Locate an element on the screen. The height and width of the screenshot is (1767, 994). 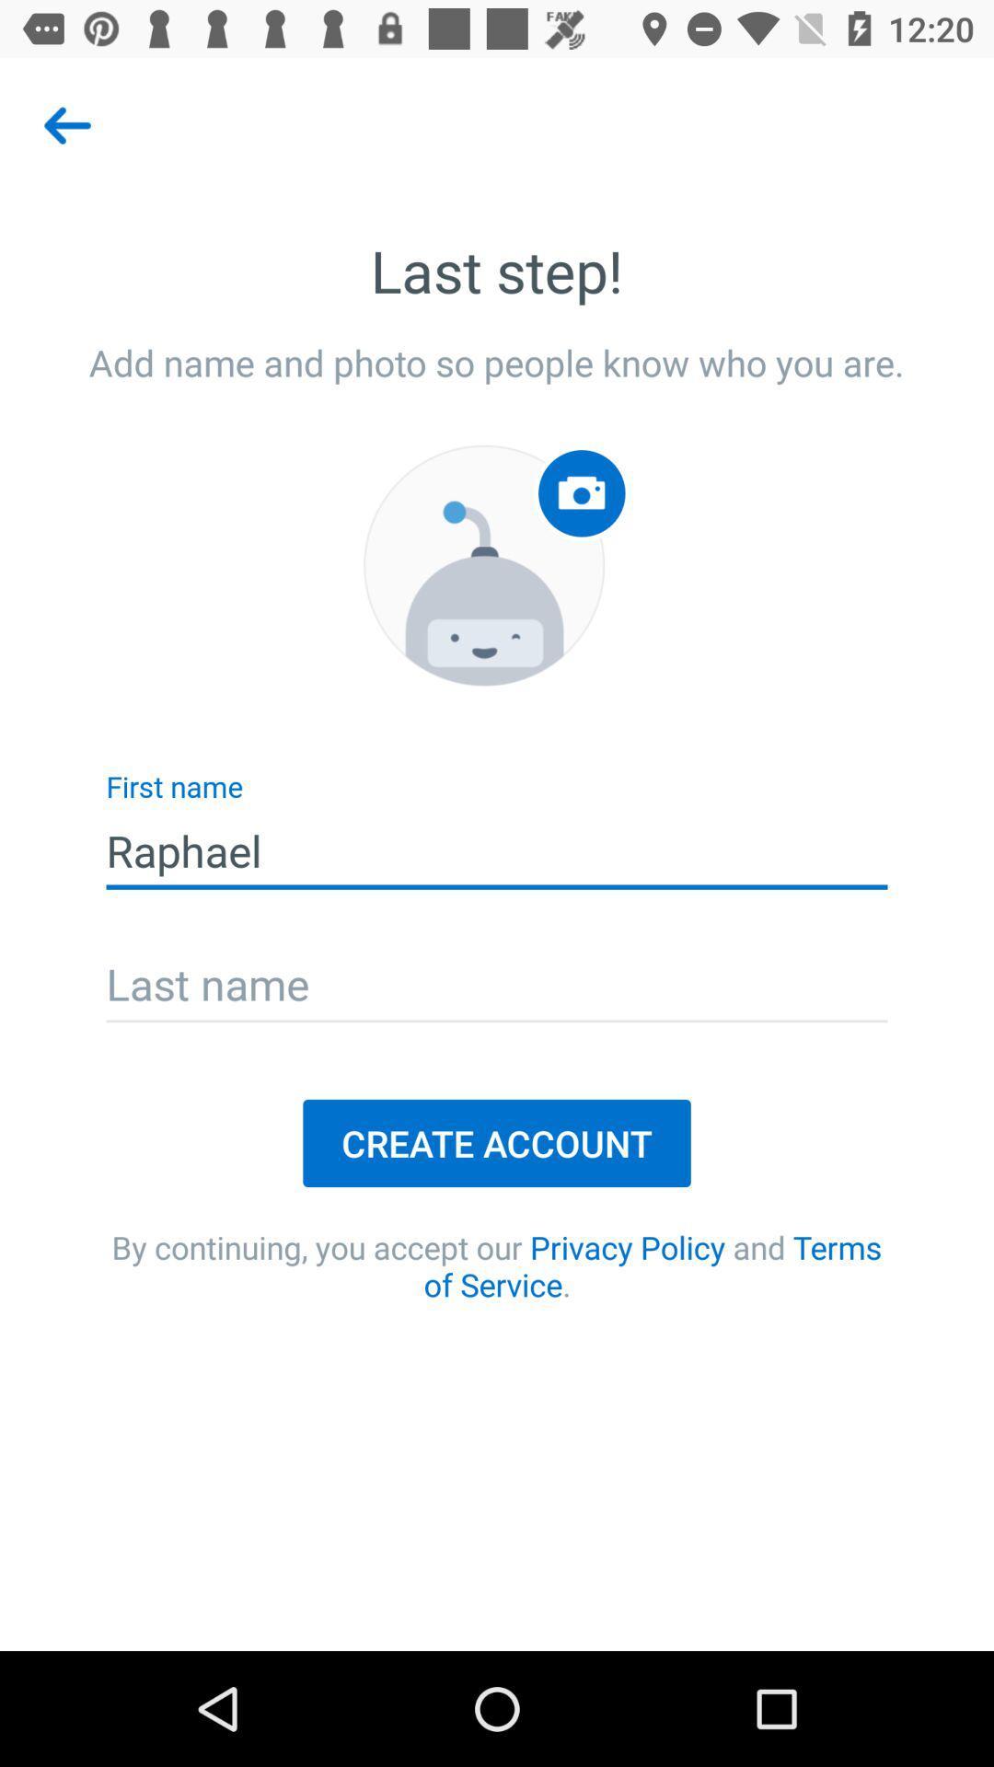
icon above the raphael icon is located at coordinates (483, 564).